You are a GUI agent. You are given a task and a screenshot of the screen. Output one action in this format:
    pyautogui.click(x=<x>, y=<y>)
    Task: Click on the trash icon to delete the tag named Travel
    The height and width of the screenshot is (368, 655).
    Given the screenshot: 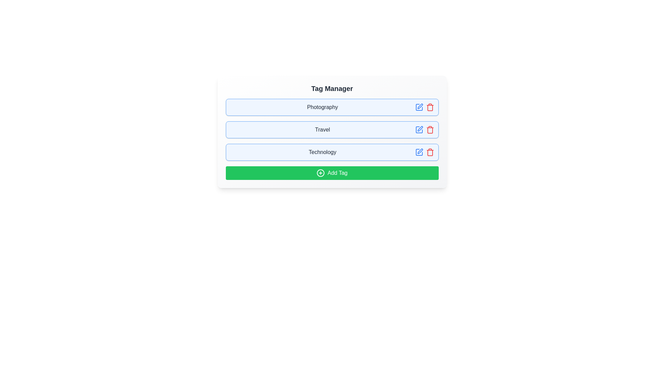 What is the action you would take?
    pyautogui.click(x=430, y=130)
    